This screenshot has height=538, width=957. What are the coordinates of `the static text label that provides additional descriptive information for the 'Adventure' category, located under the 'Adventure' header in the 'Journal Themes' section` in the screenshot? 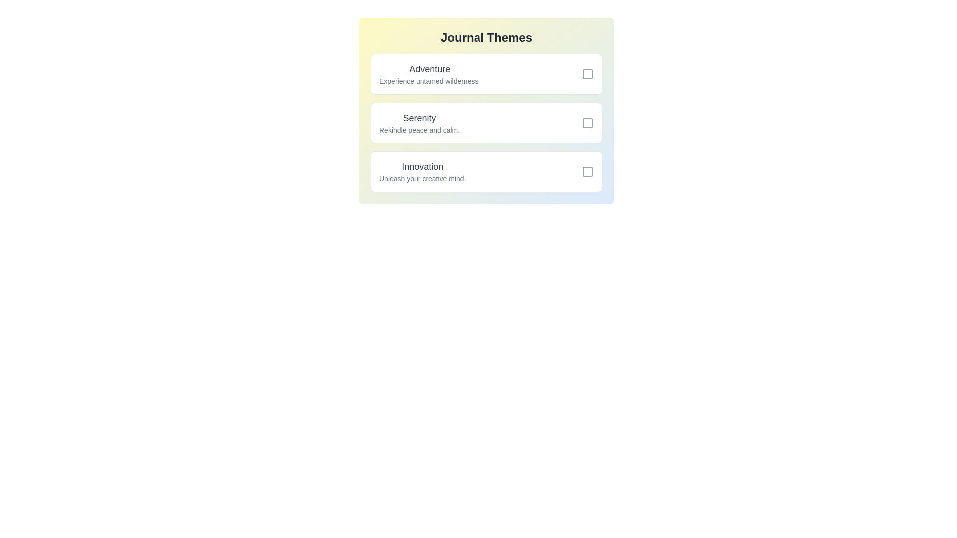 It's located at (430, 80).